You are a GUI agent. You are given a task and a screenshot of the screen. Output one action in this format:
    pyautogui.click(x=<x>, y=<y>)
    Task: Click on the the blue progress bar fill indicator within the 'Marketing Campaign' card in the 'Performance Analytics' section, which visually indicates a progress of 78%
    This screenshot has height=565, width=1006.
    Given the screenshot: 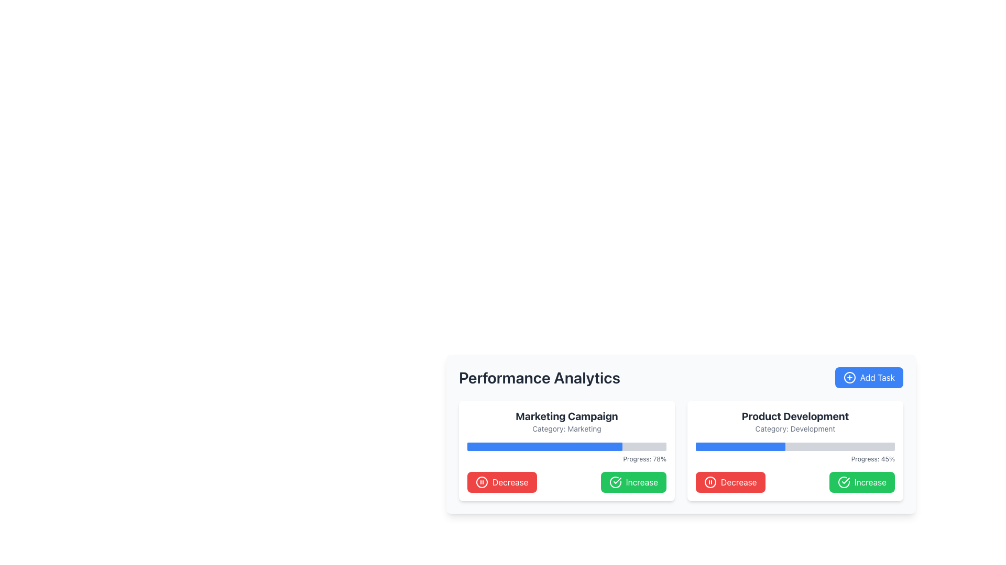 What is the action you would take?
    pyautogui.click(x=545, y=446)
    